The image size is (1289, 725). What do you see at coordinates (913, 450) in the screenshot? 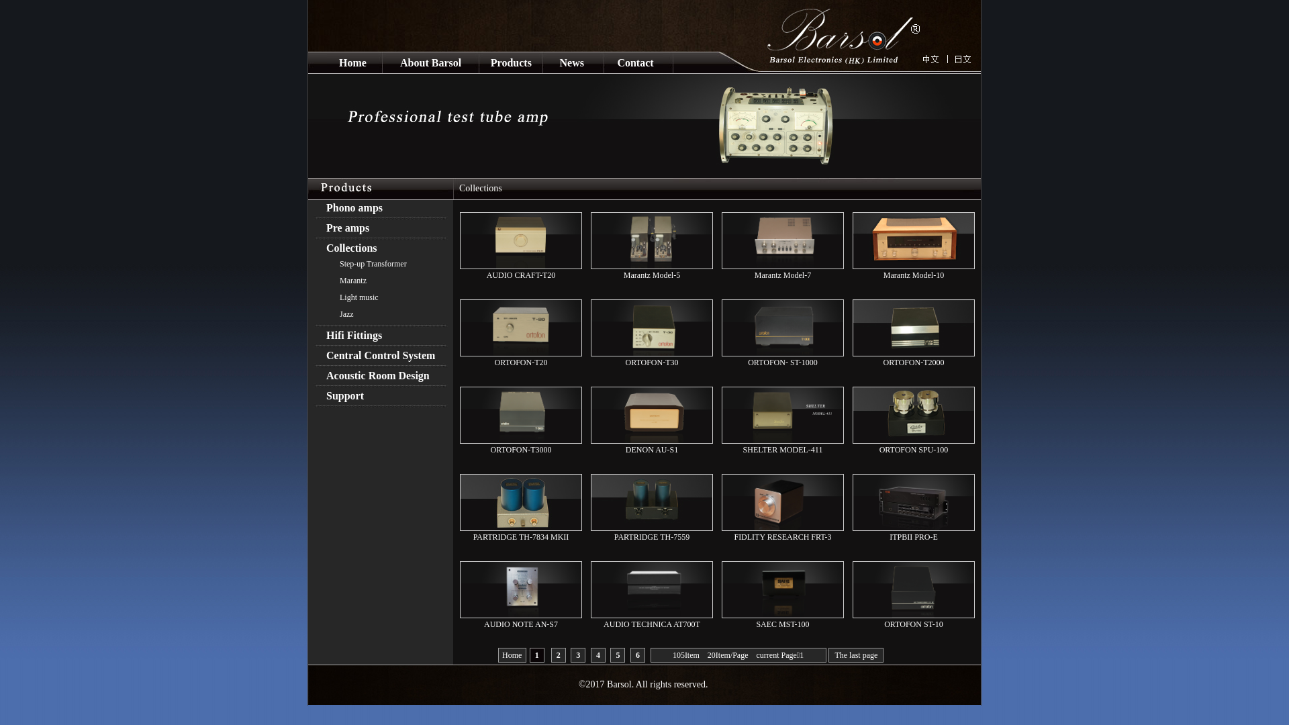
I see `'ORTOFON SPU-100'` at bounding box center [913, 450].